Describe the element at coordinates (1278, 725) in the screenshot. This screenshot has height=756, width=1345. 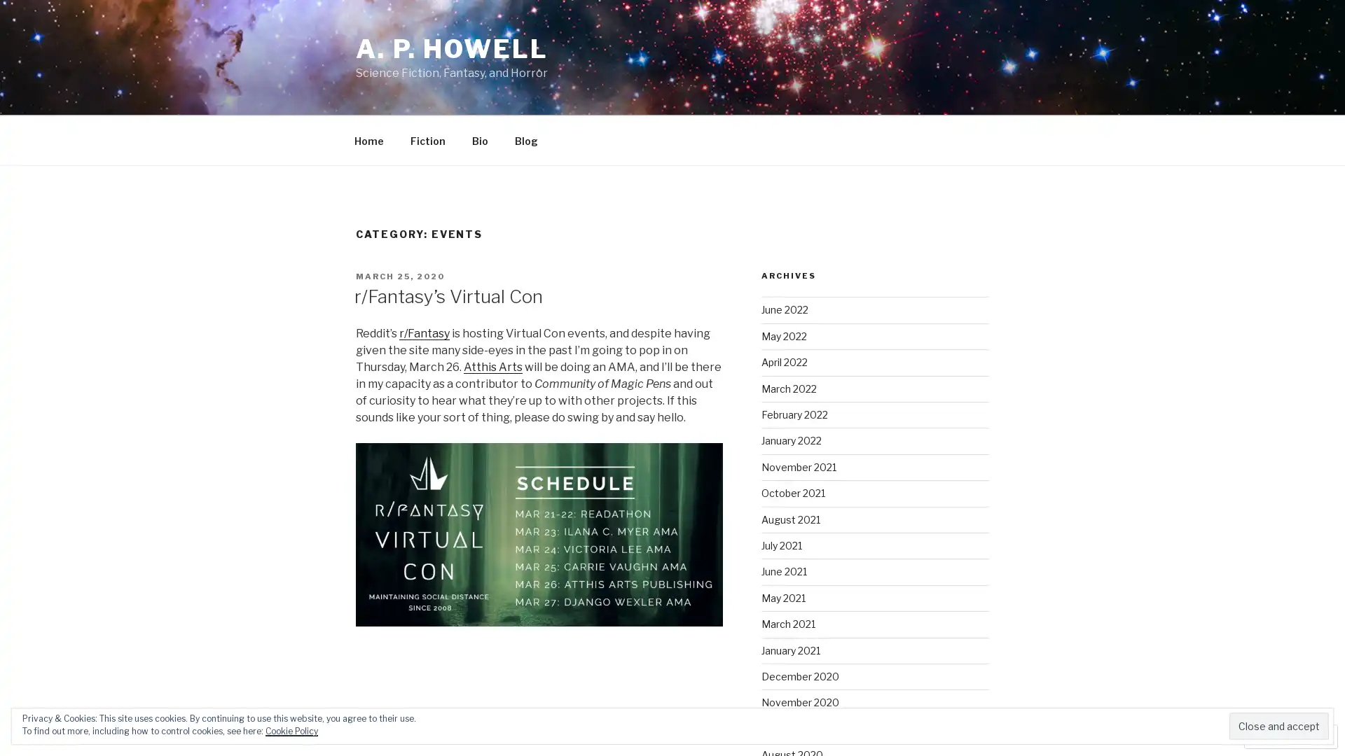
I see `Close and accept` at that location.